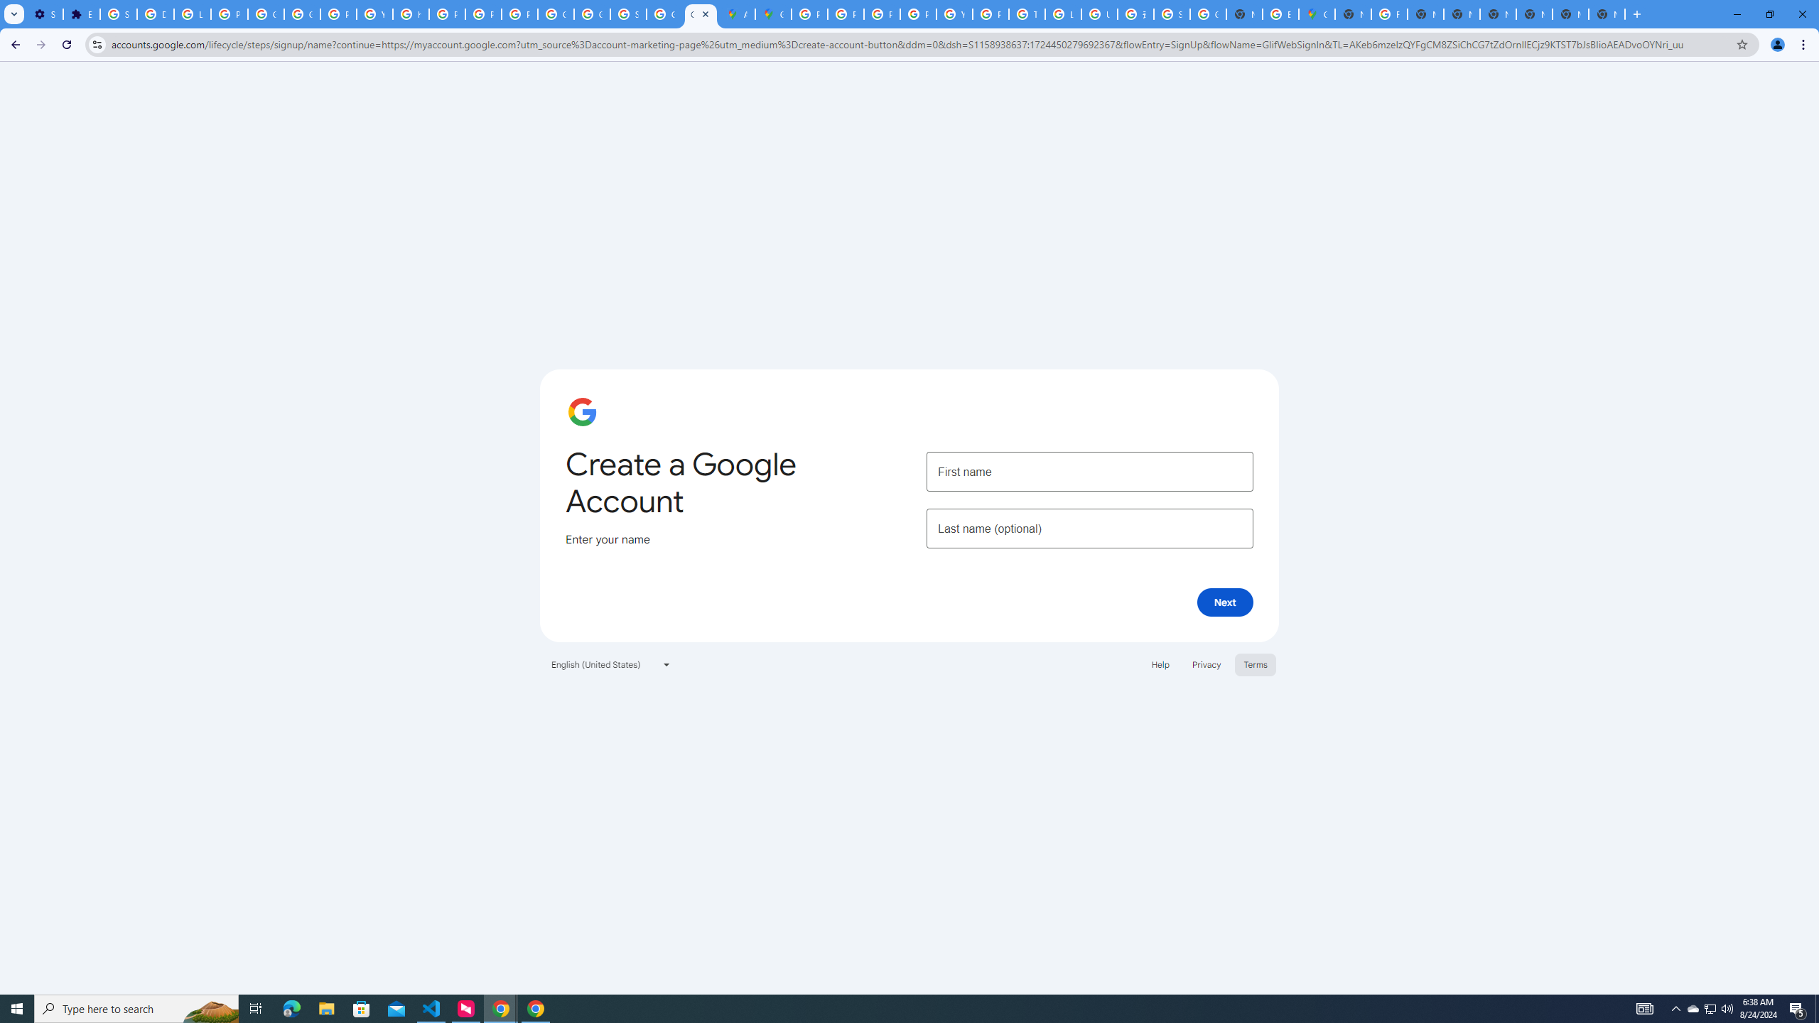  Describe the element at coordinates (1607, 13) in the screenshot. I see `'New Tab'` at that location.